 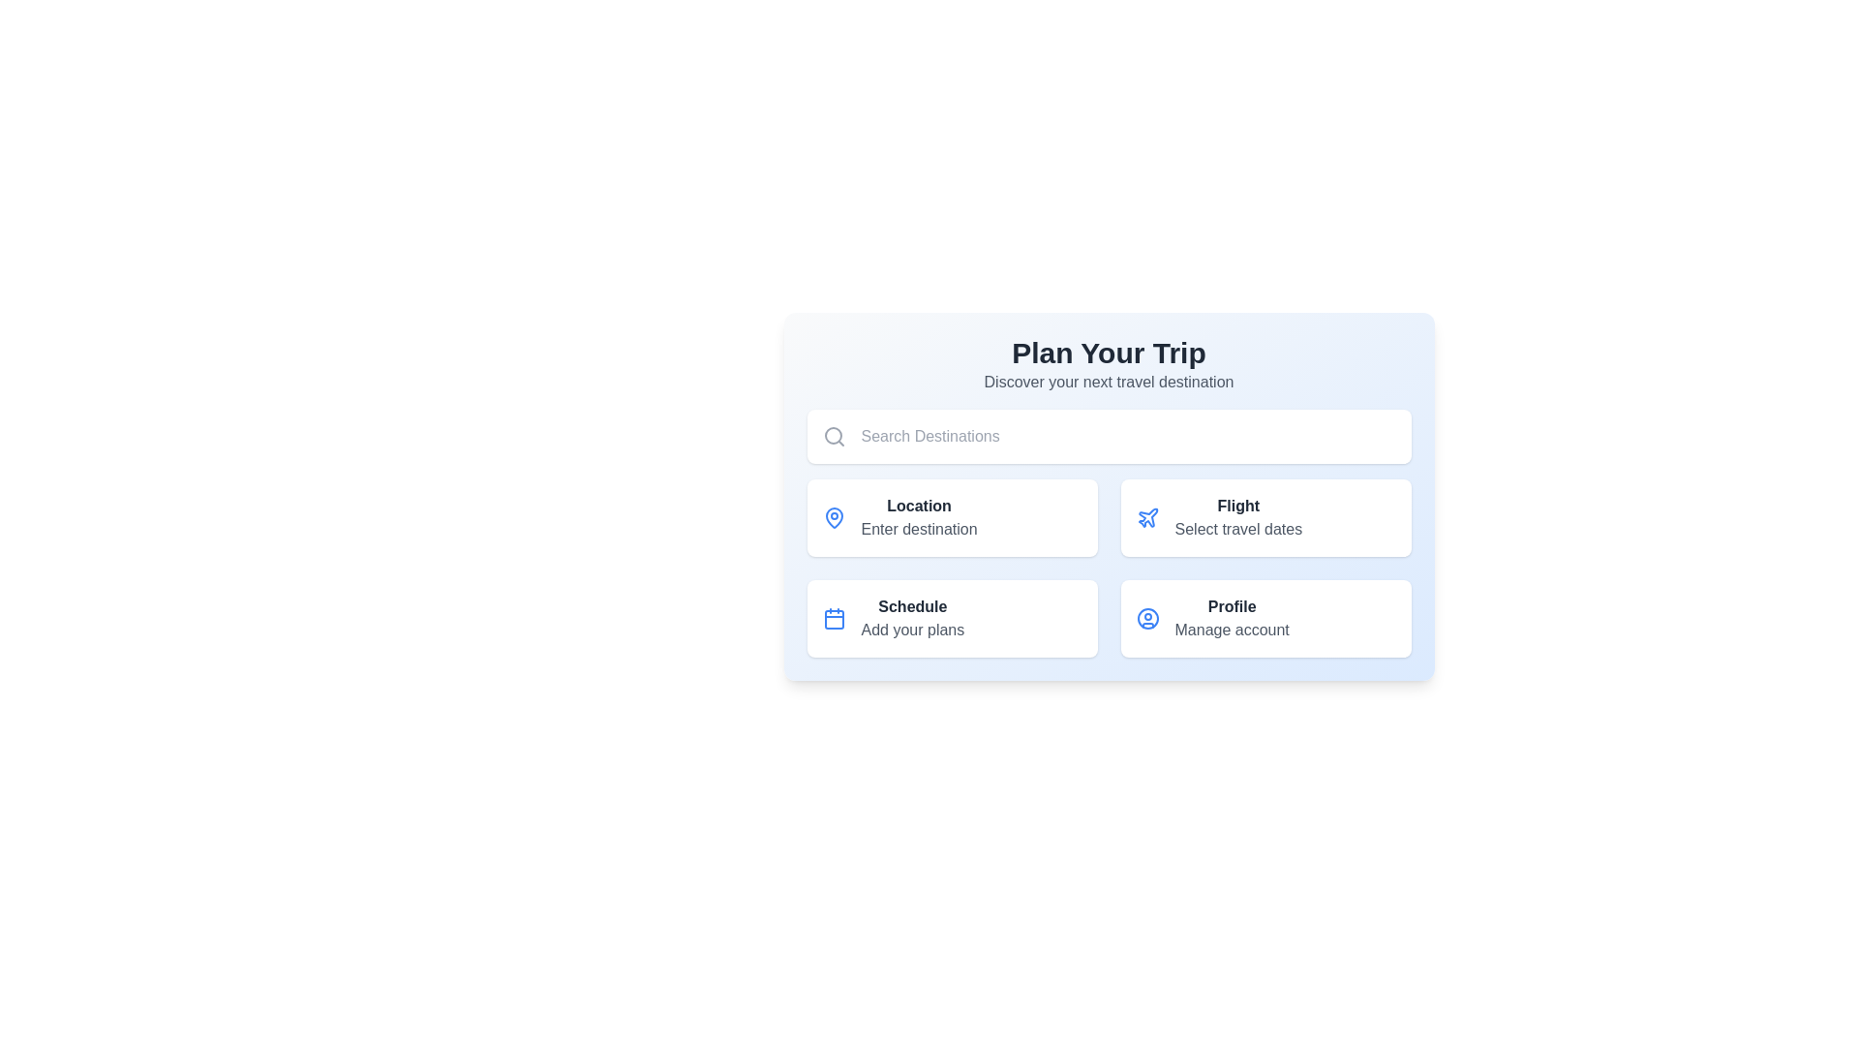 What do you see at coordinates (834, 517) in the screenshot?
I see `the map pin icon, which is located on the left side of the 'Location' label within the 'Location' card in the top left segment of the lower section of the interface` at bounding box center [834, 517].